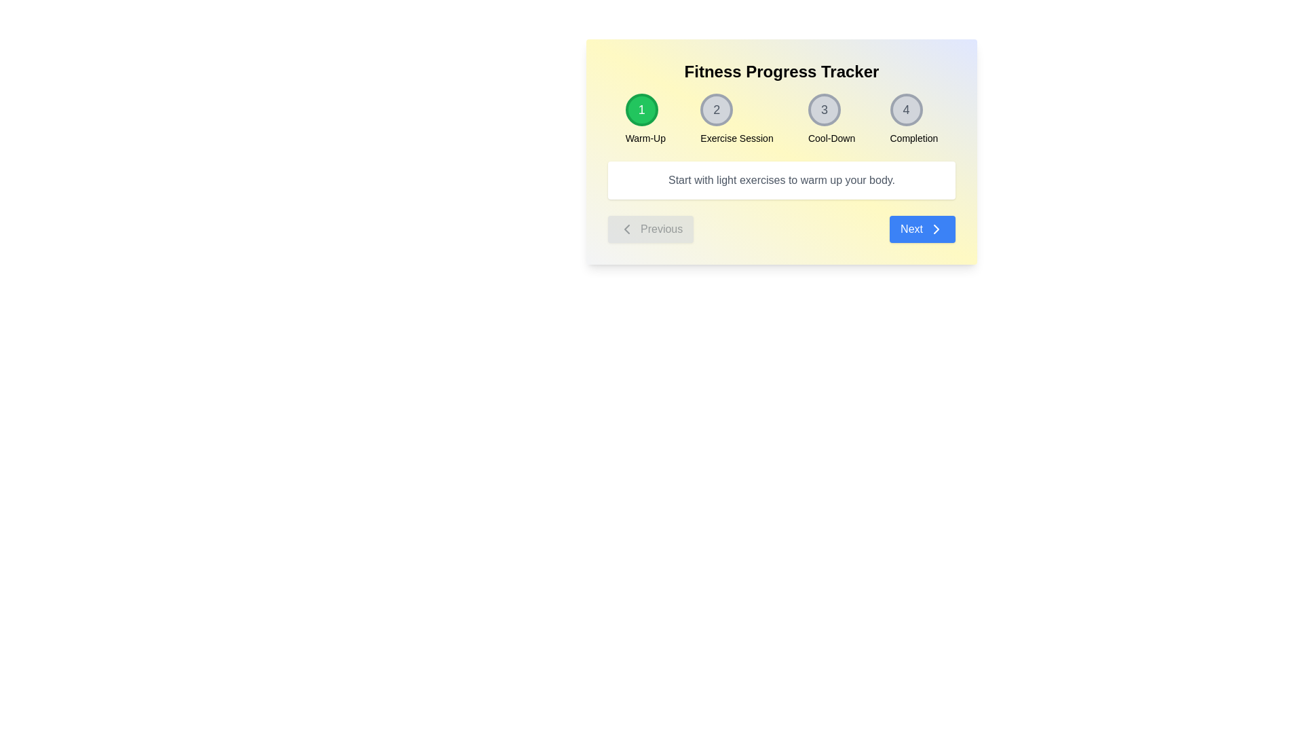 This screenshot has width=1303, height=733. I want to click on the 'Cool-Down' text label located below the circular icon labeled '3' in the UI progress tracker, so click(831, 138).